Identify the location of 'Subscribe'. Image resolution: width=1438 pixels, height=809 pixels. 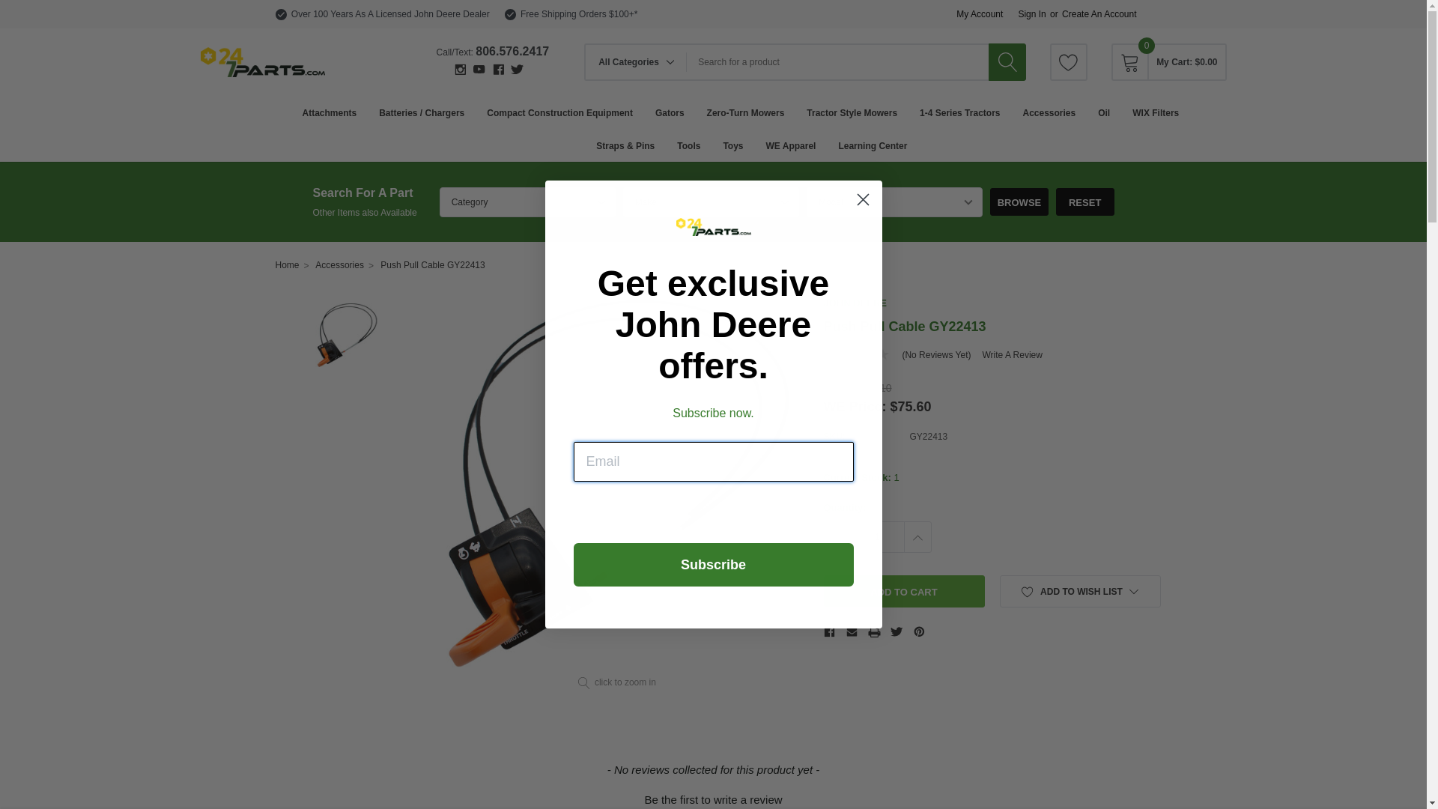
(713, 564).